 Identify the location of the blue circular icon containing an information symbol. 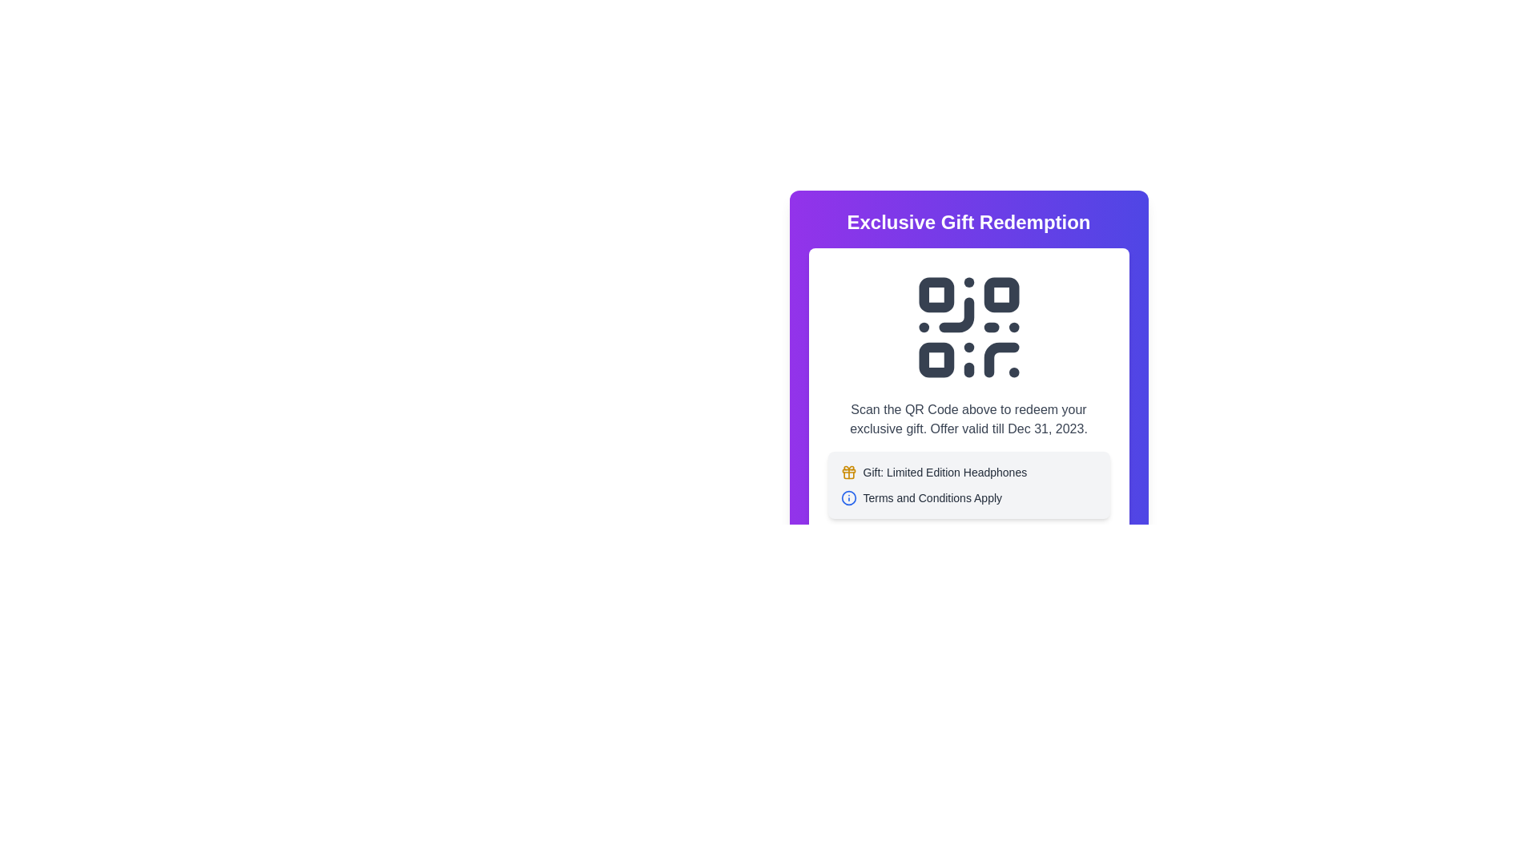
(848, 497).